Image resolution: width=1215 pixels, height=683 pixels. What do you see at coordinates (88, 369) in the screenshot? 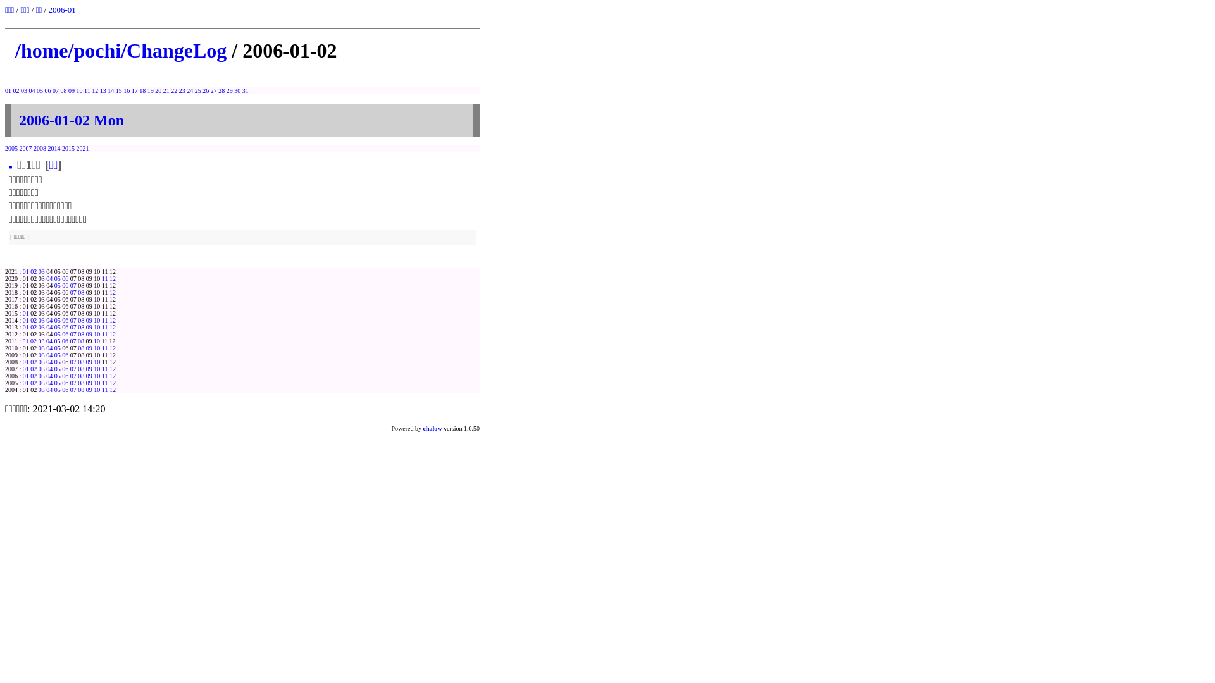
I see `'09'` at bounding box center [88, 369].